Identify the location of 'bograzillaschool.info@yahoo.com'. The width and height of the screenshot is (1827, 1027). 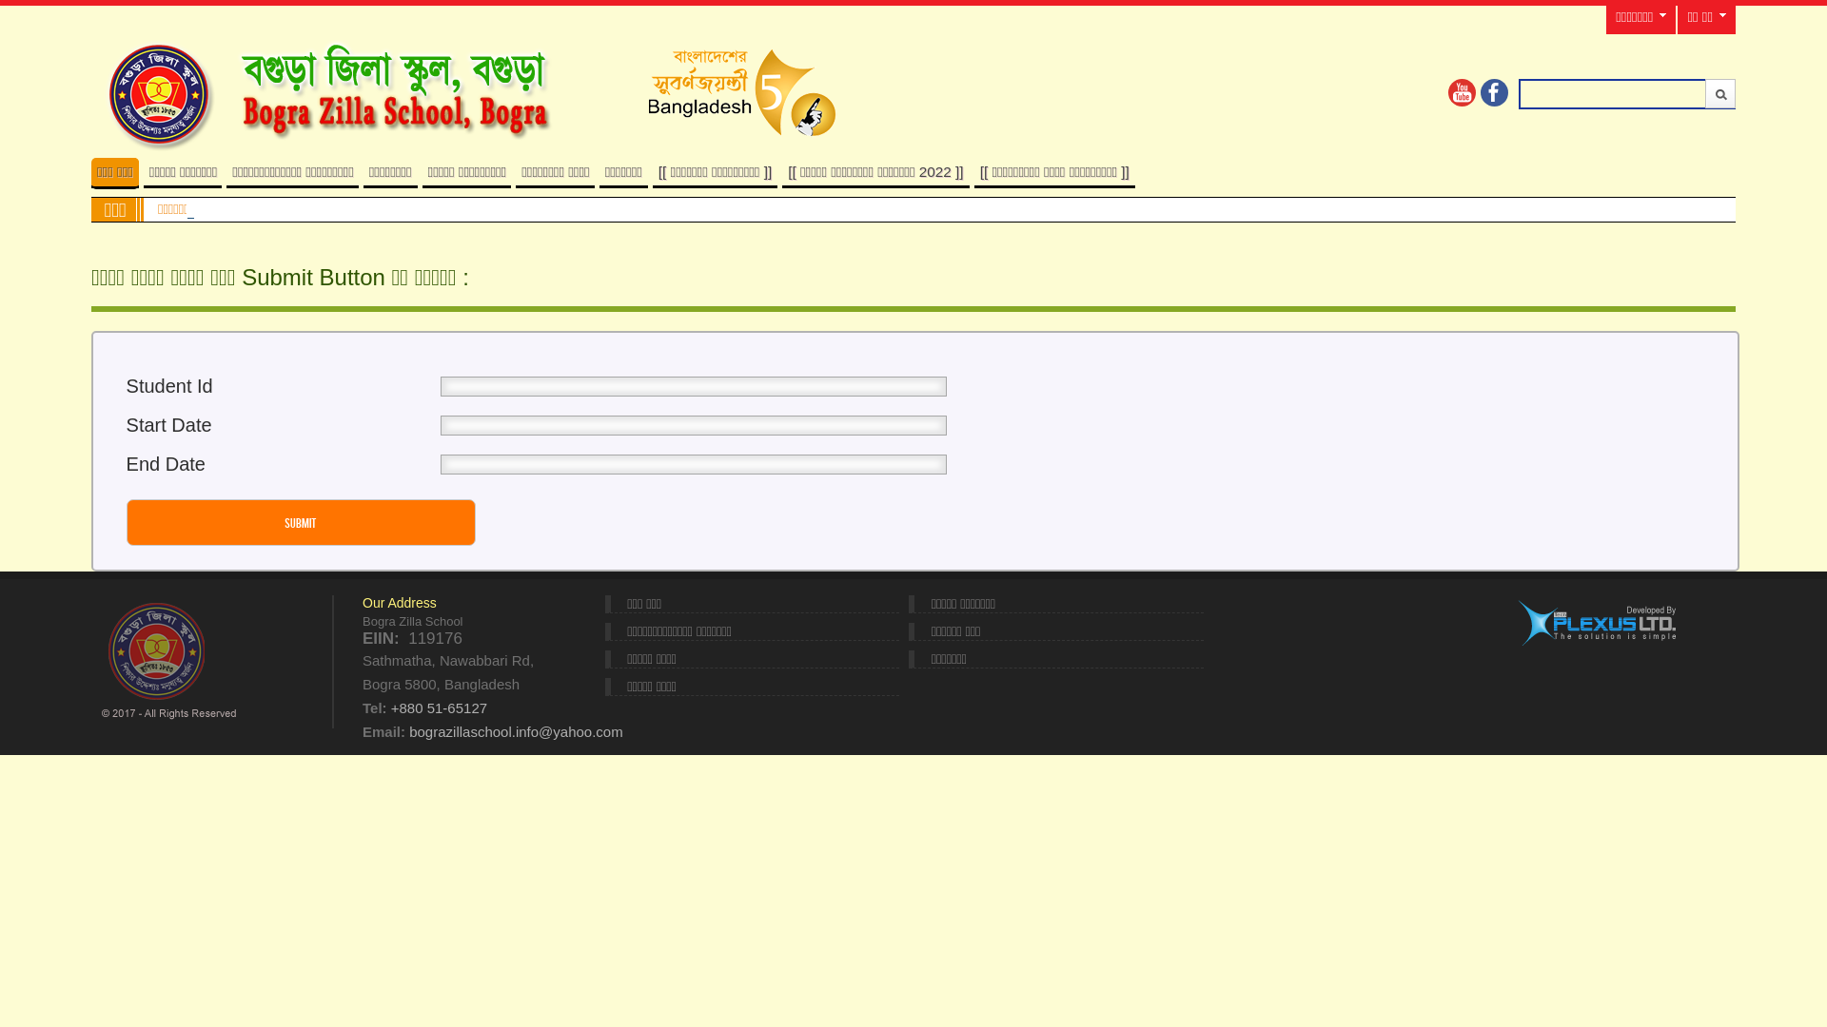
(408, 730).